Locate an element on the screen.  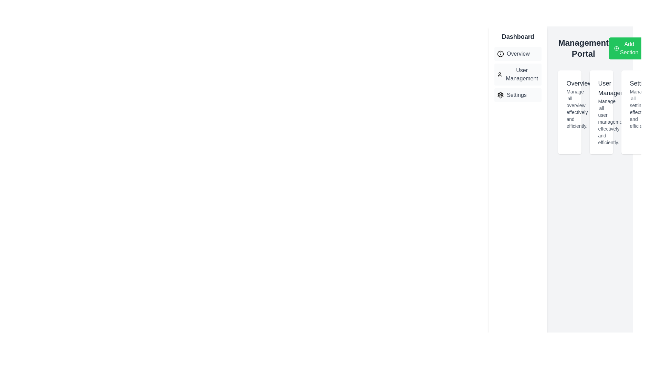
the 'User Management' text label which serves as a navigation option between 'Overview' and 'Settings' is located at coordinates (522, 74).